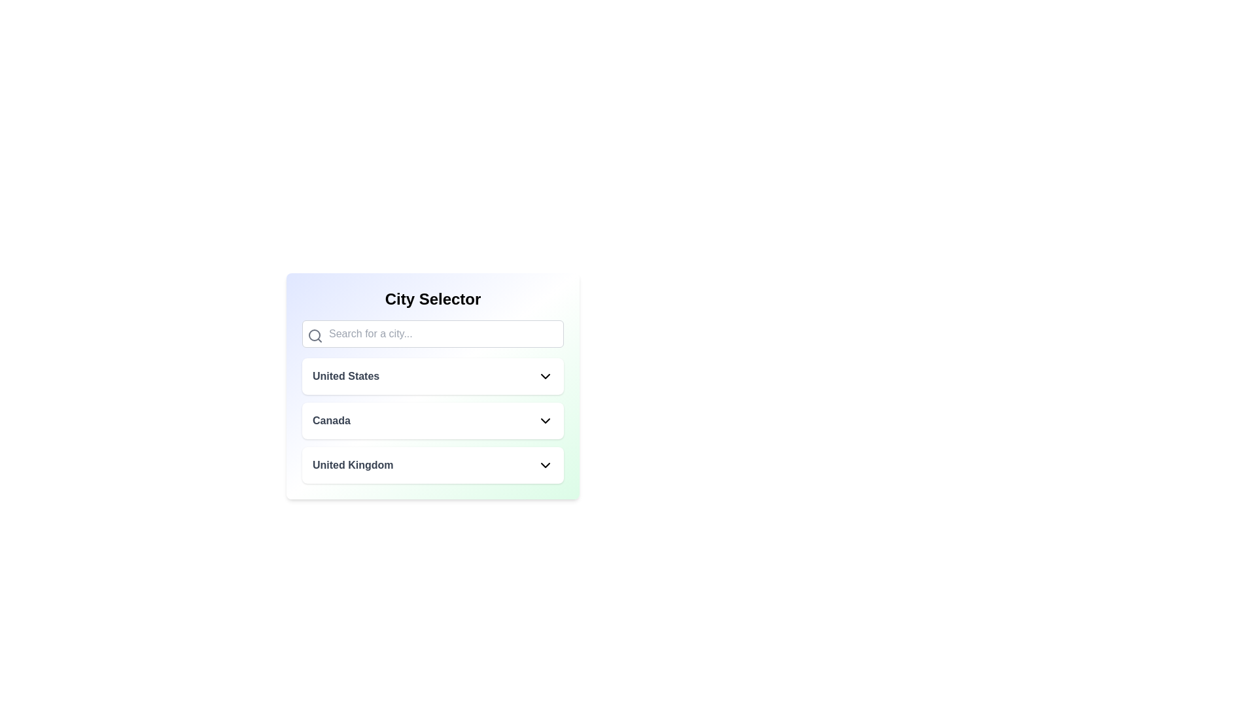 The height and width of the screenshot is (706, 1256). Describe the element at coordinates (546, 421) in the screenshot. I see `the downward-pointing chevron icon` at that location.